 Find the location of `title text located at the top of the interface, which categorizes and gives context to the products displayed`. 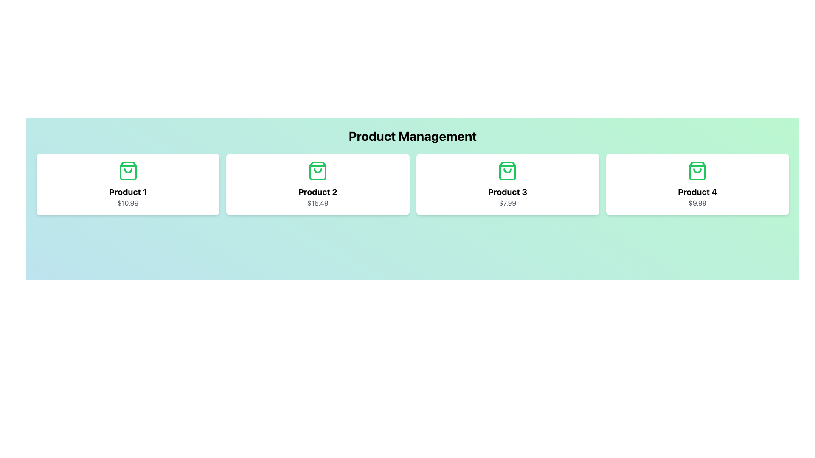

title text located at the top of the interface, which categorizes and gives context to the products displayed is located at coordinates (413, 135).